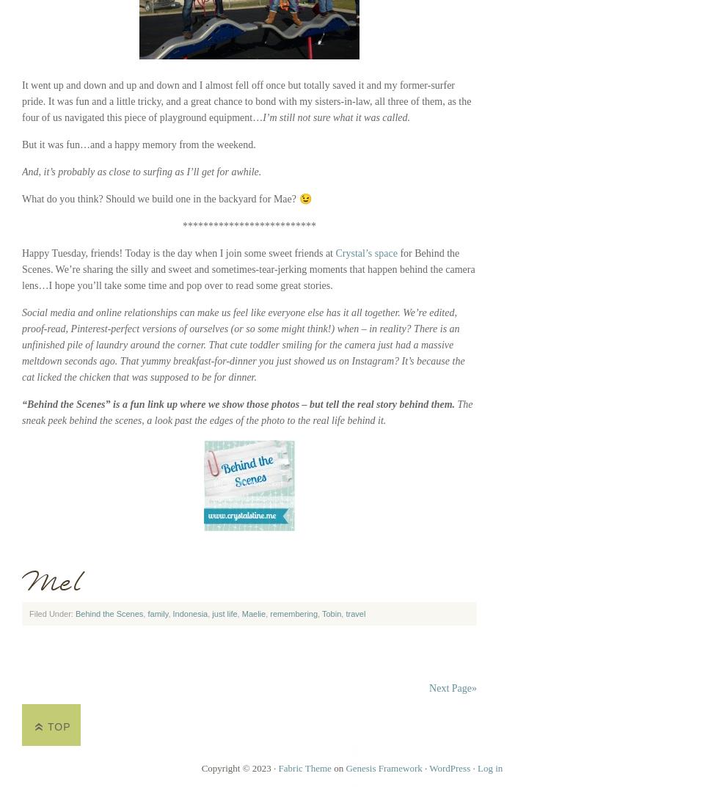 This screenshot has width=708, height=787. I want to click on 'And, it’s probably as close to surfing as I’ll get for awhile.', so click(142, 172).